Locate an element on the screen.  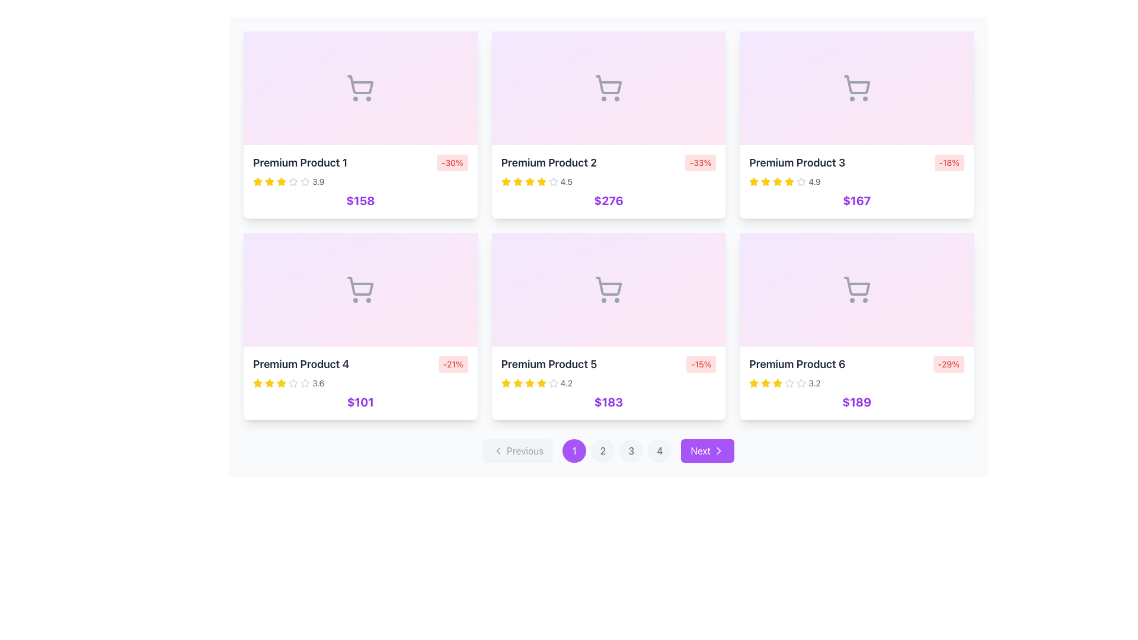
the third star icon used for ratings under the product title 'Premium Product 1' is located at coordinates (293, 181).